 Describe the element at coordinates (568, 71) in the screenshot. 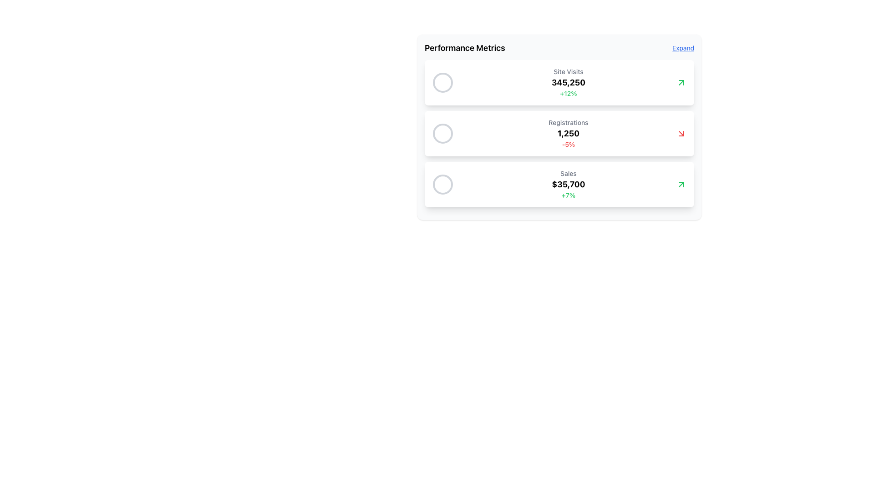

I see `the Text Label that describes the key performance indicator related to site visit metrics, located at the top of the performance metrics card` at that location.